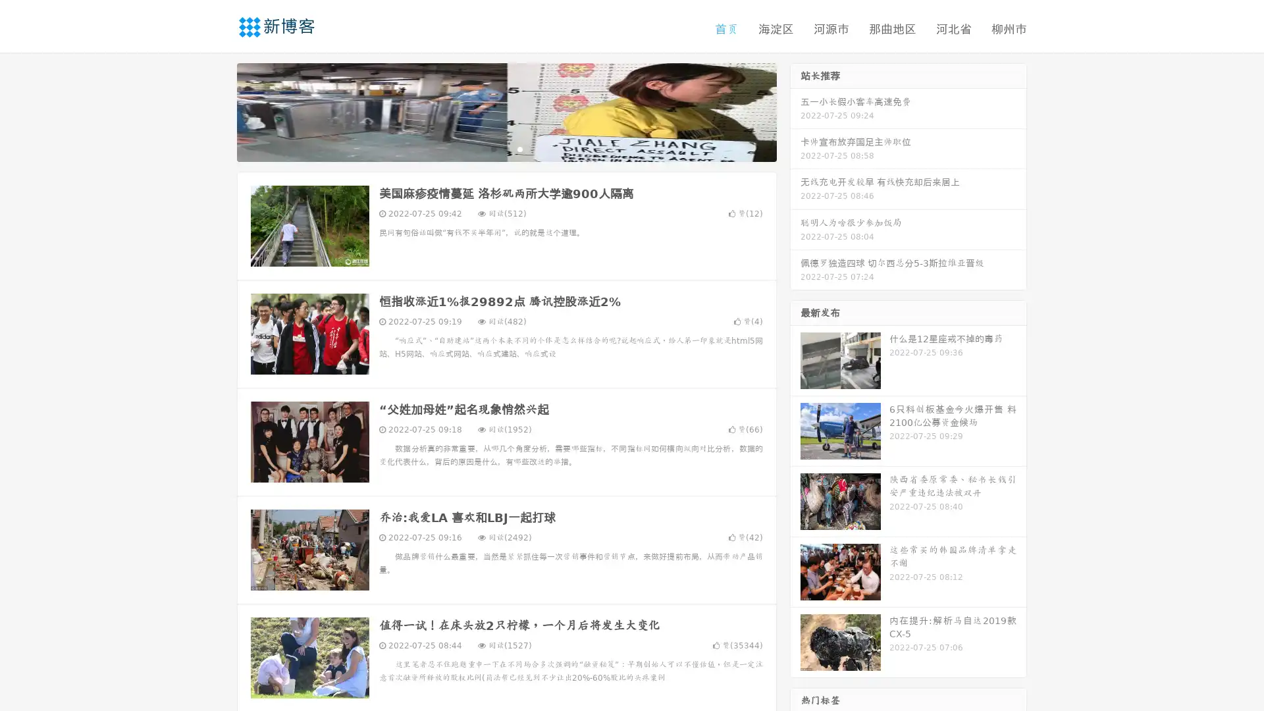  Describe the element at coordinates (519, 148) in the screenshot. I see `Go to slide 3` at that location.